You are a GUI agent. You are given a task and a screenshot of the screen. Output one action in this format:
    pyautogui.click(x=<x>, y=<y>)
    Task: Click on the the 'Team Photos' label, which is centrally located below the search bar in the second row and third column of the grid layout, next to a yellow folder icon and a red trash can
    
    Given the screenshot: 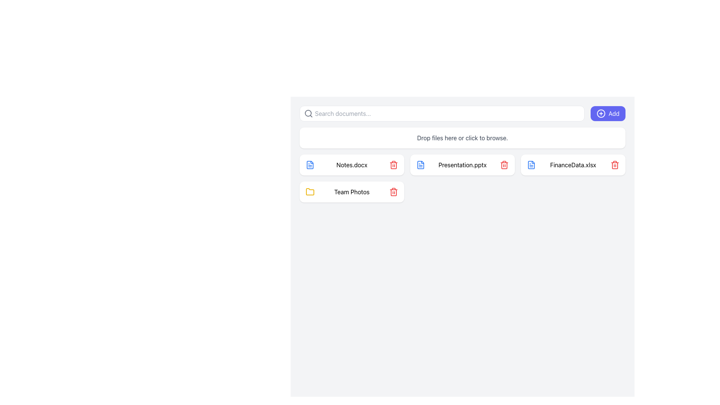 What is the action you would take?
    pyautogui.click(x=351, y=192)
    